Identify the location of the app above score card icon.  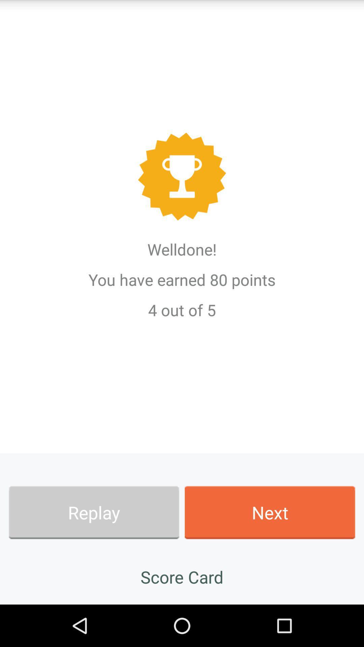
(270, 512).